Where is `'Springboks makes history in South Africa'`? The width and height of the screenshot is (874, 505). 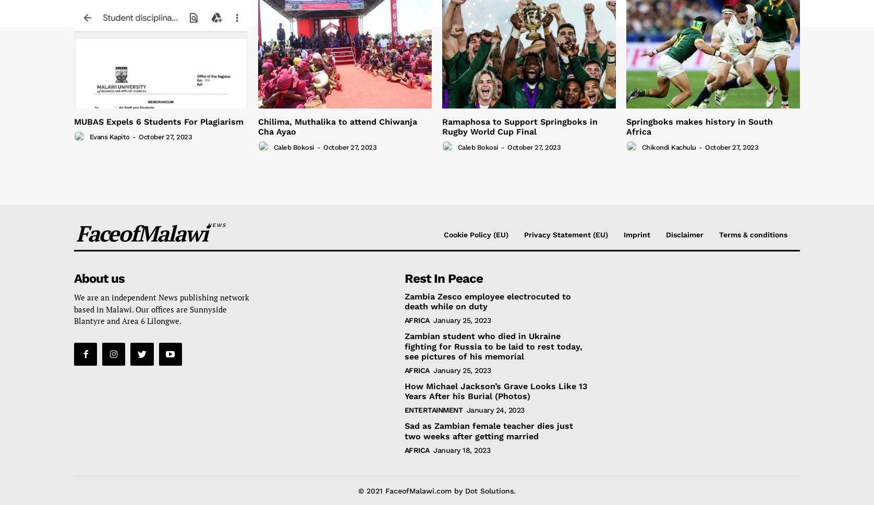 'Springboks makes history in South Africa' is located at coordinates (699, 126).